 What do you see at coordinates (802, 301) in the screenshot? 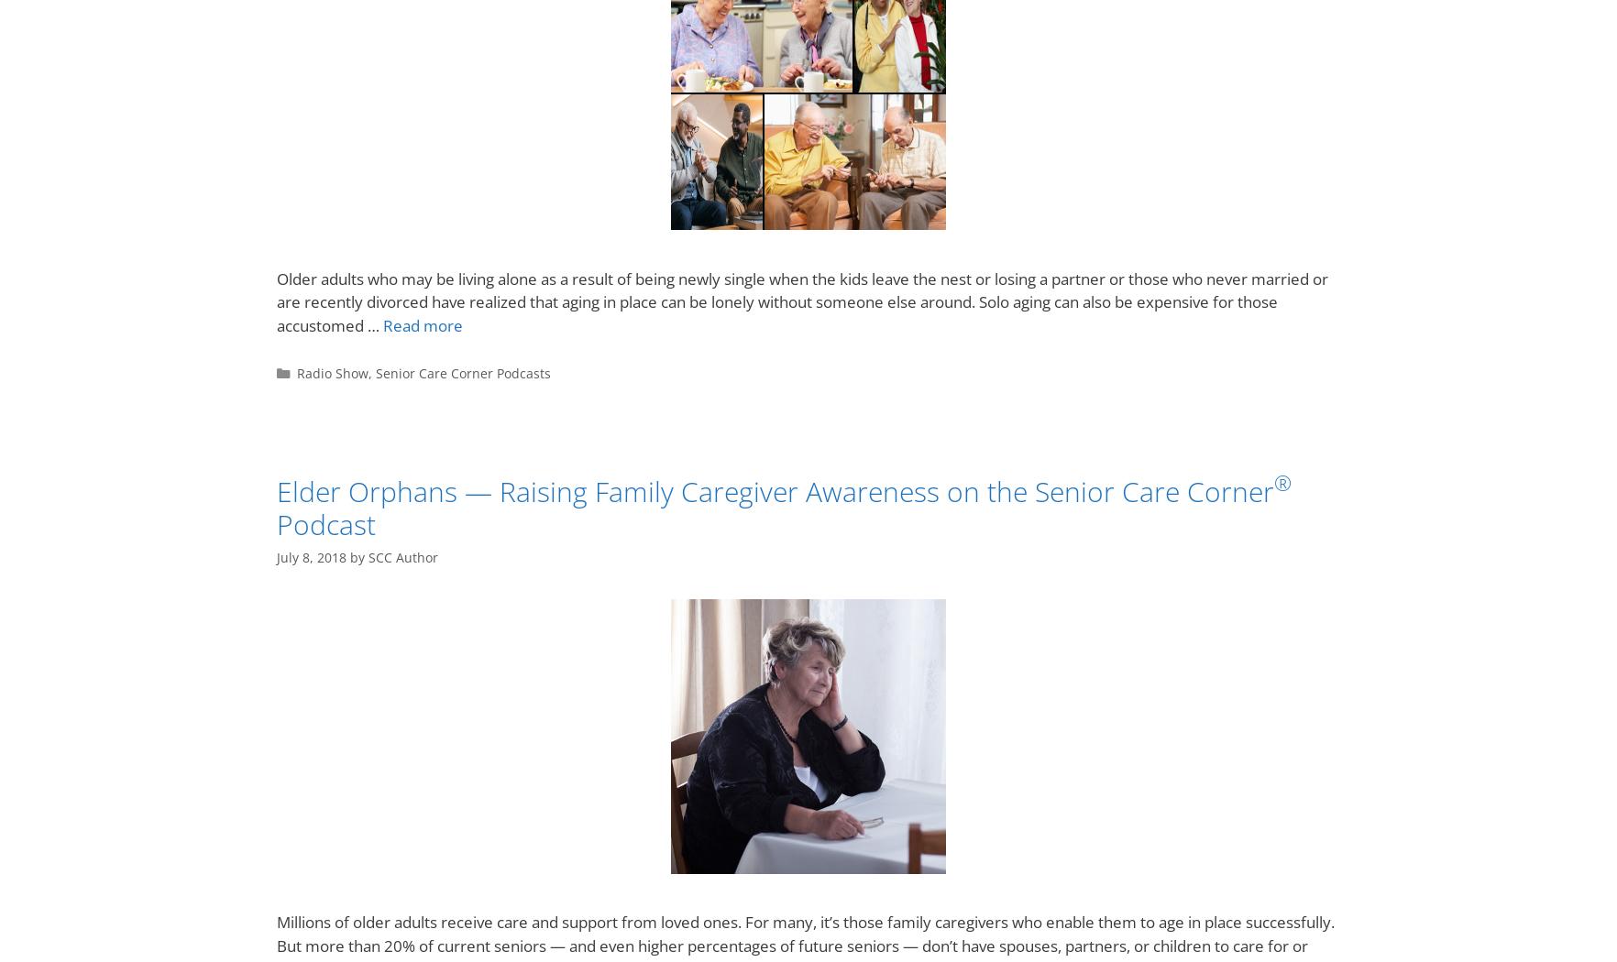
I see `'Older adults who may be living alone as a result of being newly single when the kids leave the nest or losing a partner or those who never married or are recently divorced have realized that aging in place can be lonely without someone else around. Solo aging can also be expensive for those accustomed …'` at bounding box center [802, 301].